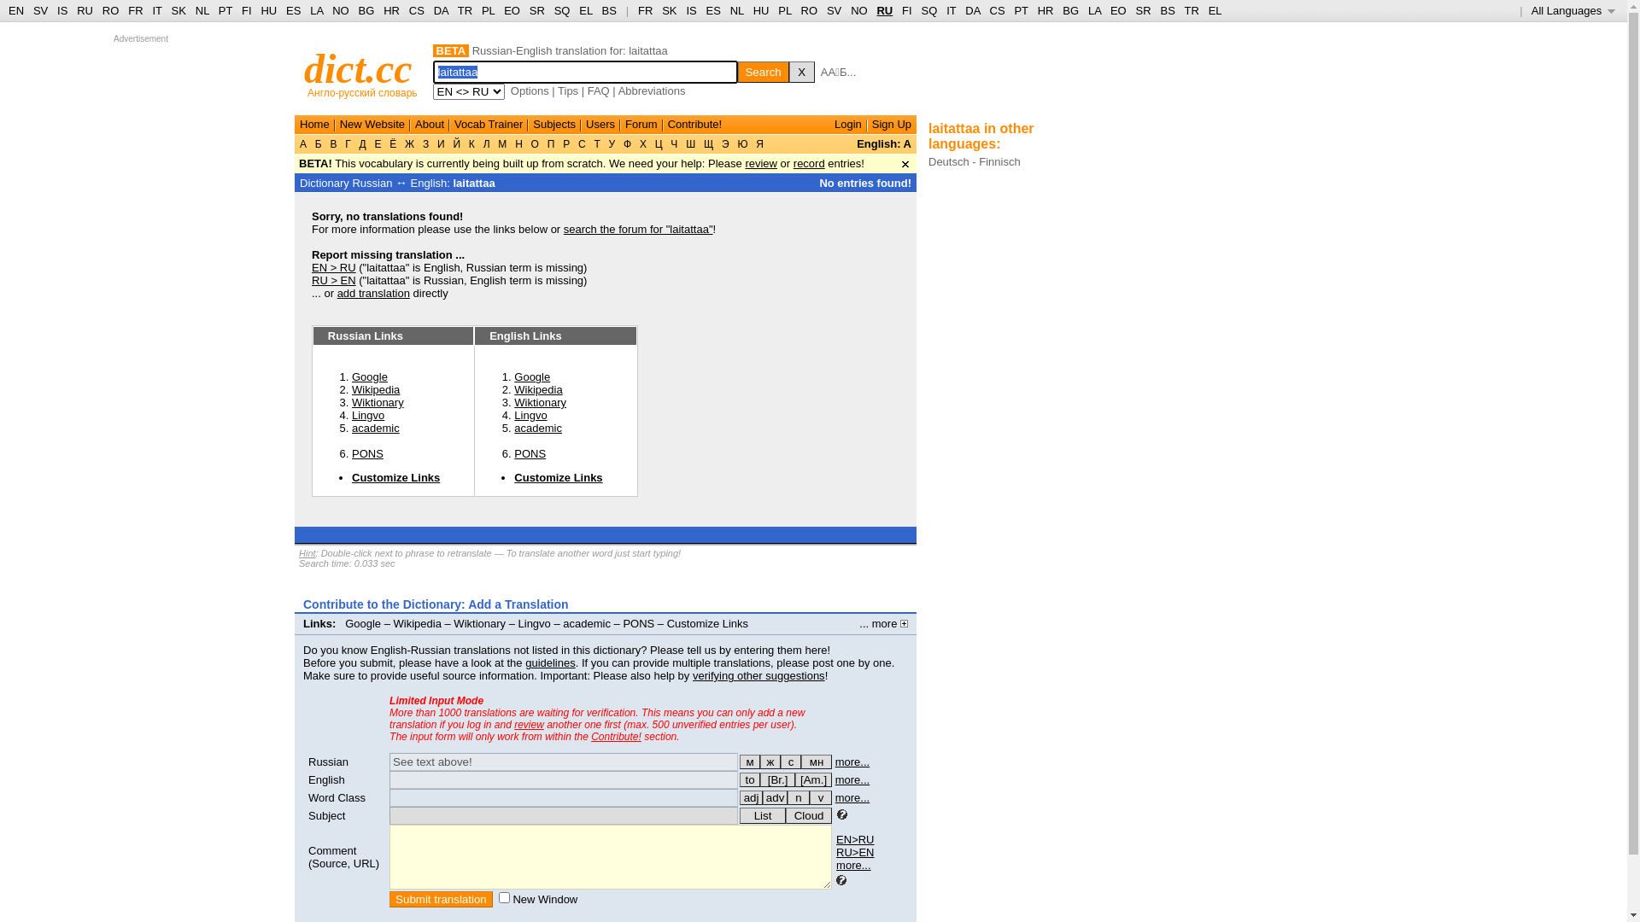  Describe the element at coordinates (691, 10) in the screenshot. I see `'IS'` at that location.